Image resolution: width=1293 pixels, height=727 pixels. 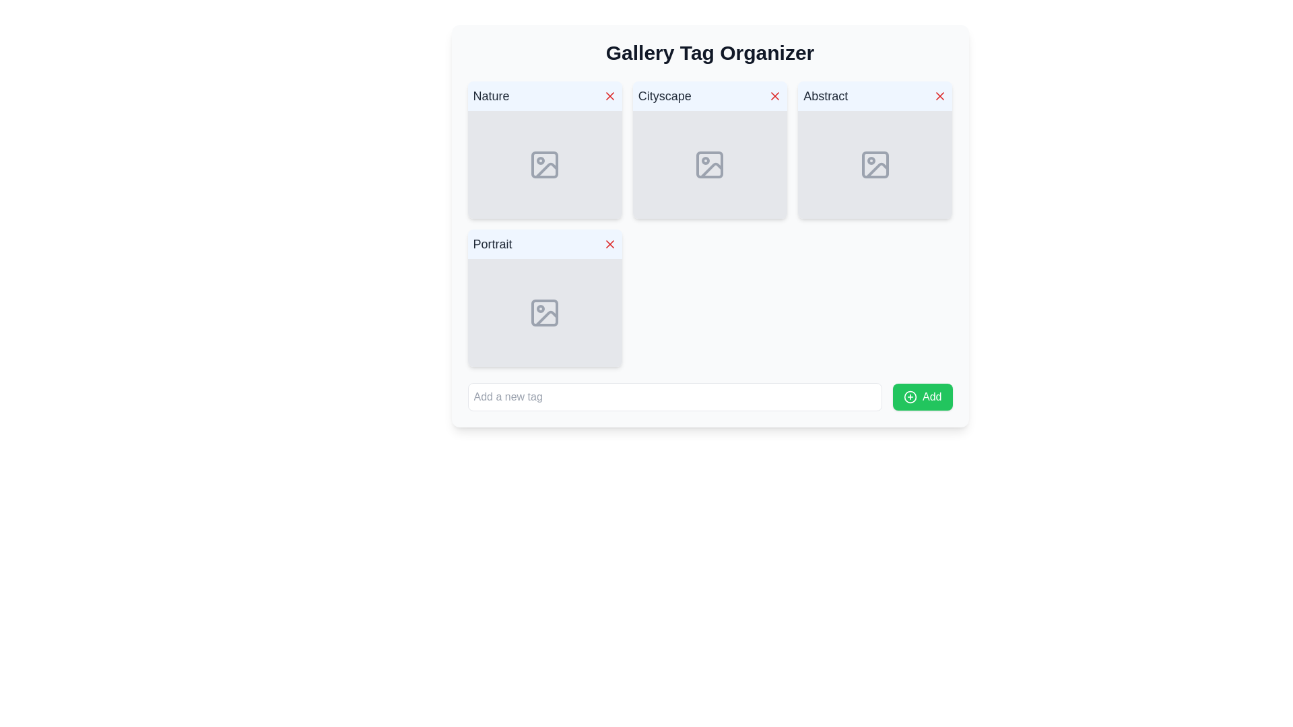 I want to click on the card labeled 'Portrait' with a light gray background, located, so click(x=545, y=298).